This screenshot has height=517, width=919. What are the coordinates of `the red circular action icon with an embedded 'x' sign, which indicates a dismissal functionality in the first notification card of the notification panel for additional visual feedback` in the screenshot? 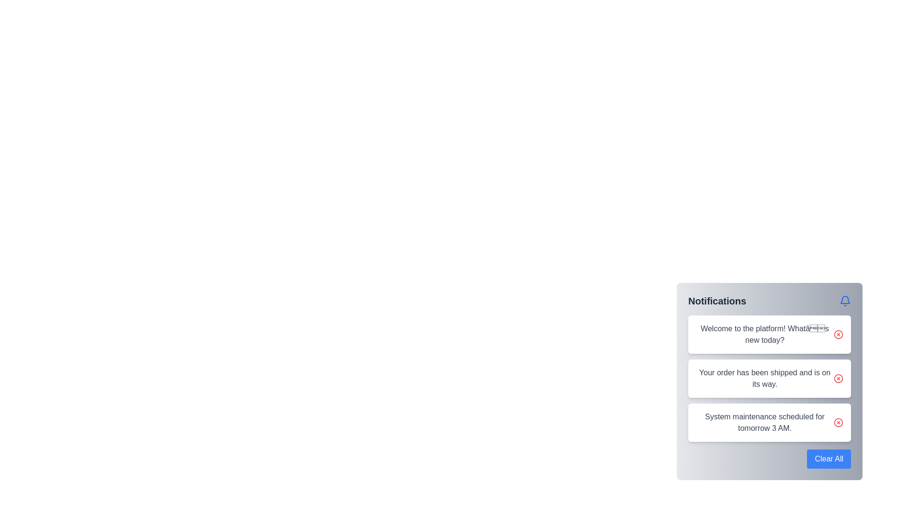 It's located at (838, 334).